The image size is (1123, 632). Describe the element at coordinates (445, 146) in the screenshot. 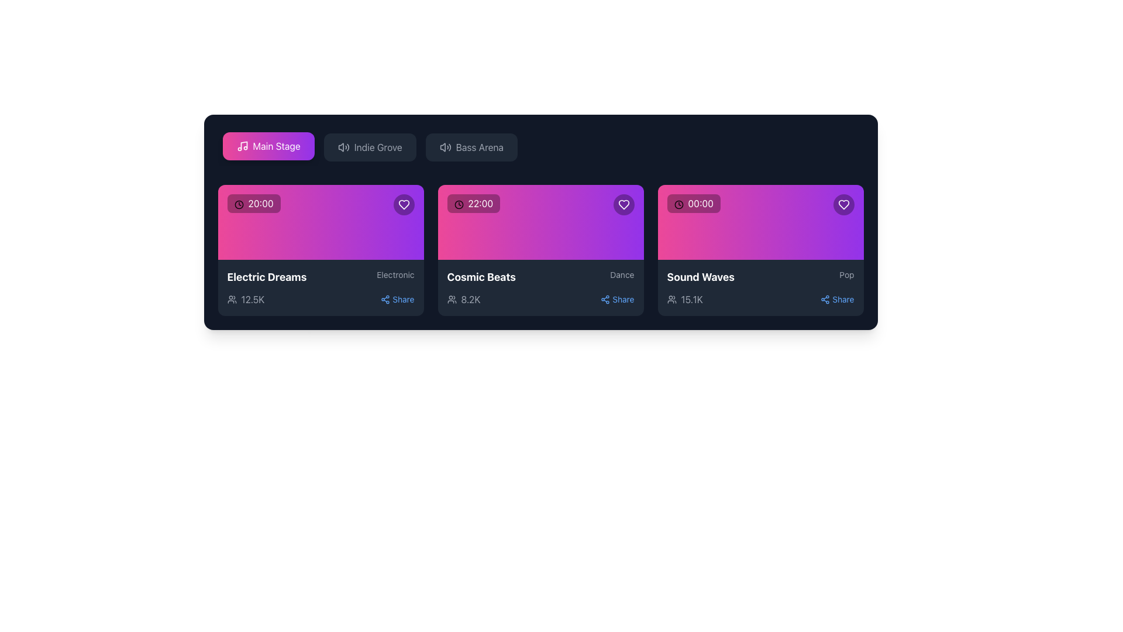

I see `the speaker icon with sound waves located to the left of the 'Bass Arena' text label` at that location.